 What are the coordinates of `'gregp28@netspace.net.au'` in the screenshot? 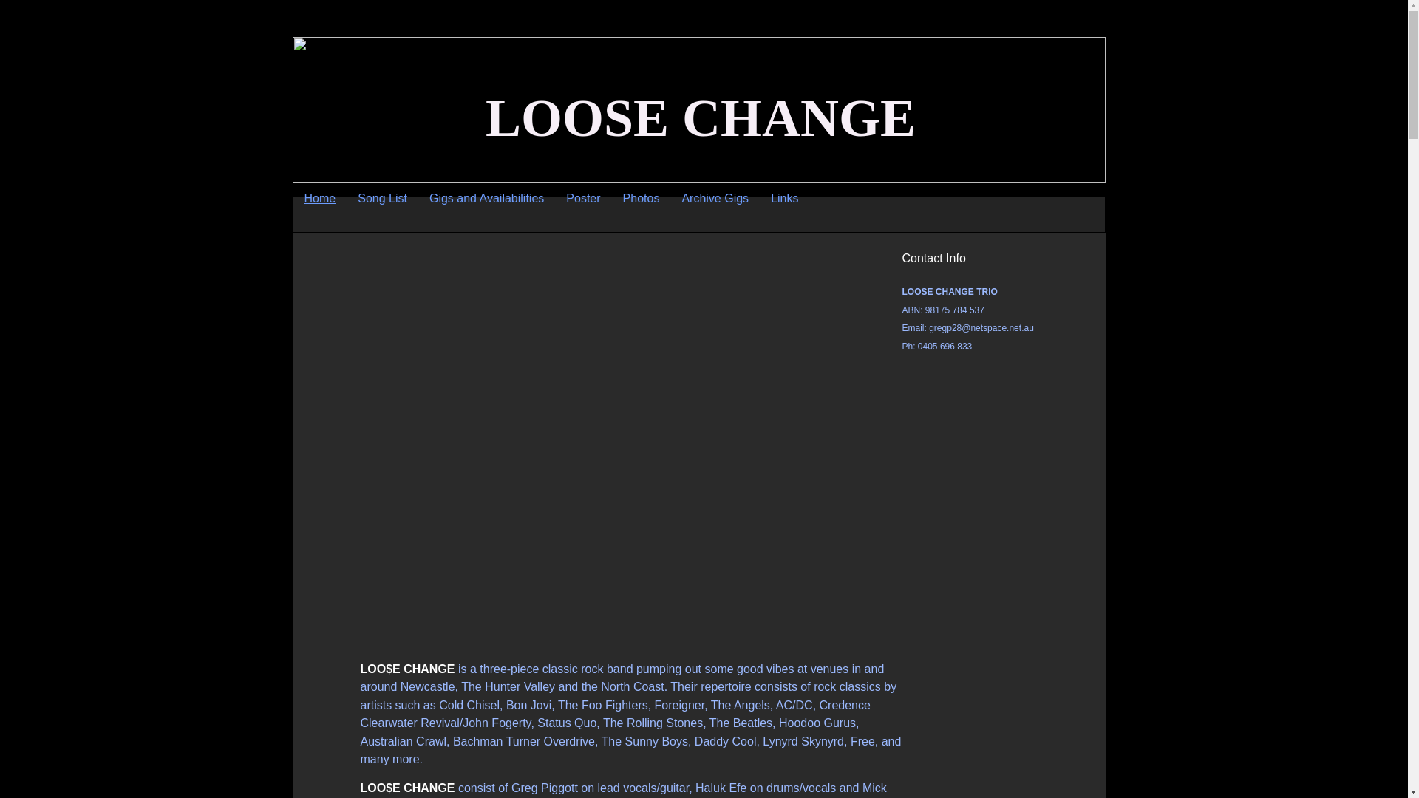 It's located at (981, 327).